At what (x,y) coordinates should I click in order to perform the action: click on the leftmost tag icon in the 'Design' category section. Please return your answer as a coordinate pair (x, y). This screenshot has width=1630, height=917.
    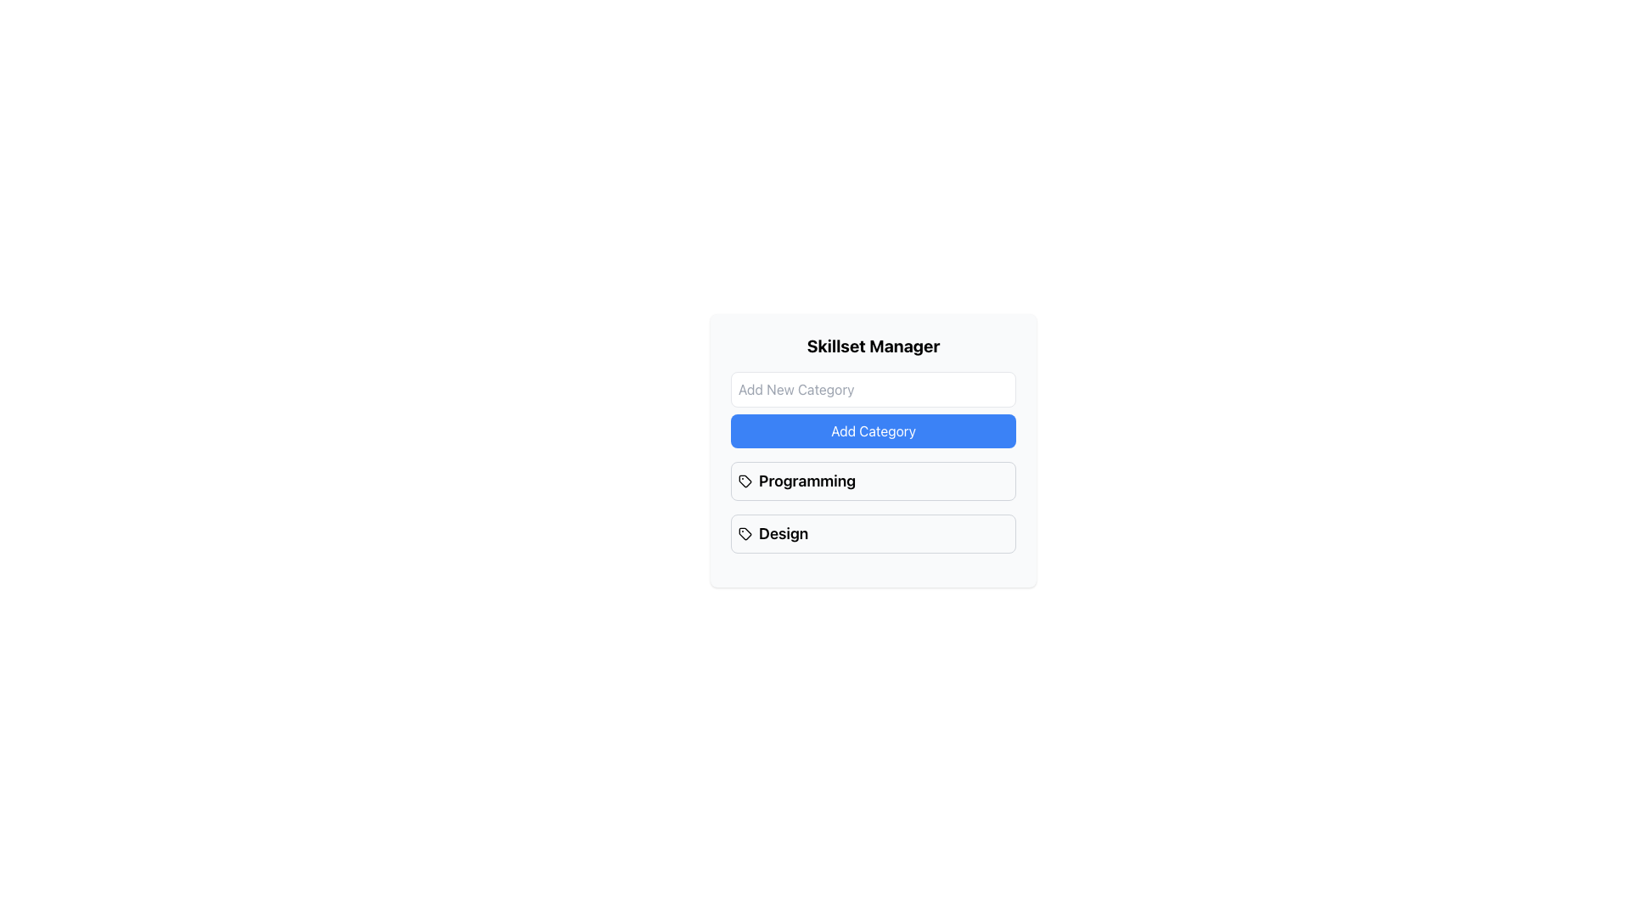
    Looking at the image, I should click on (745, 532).